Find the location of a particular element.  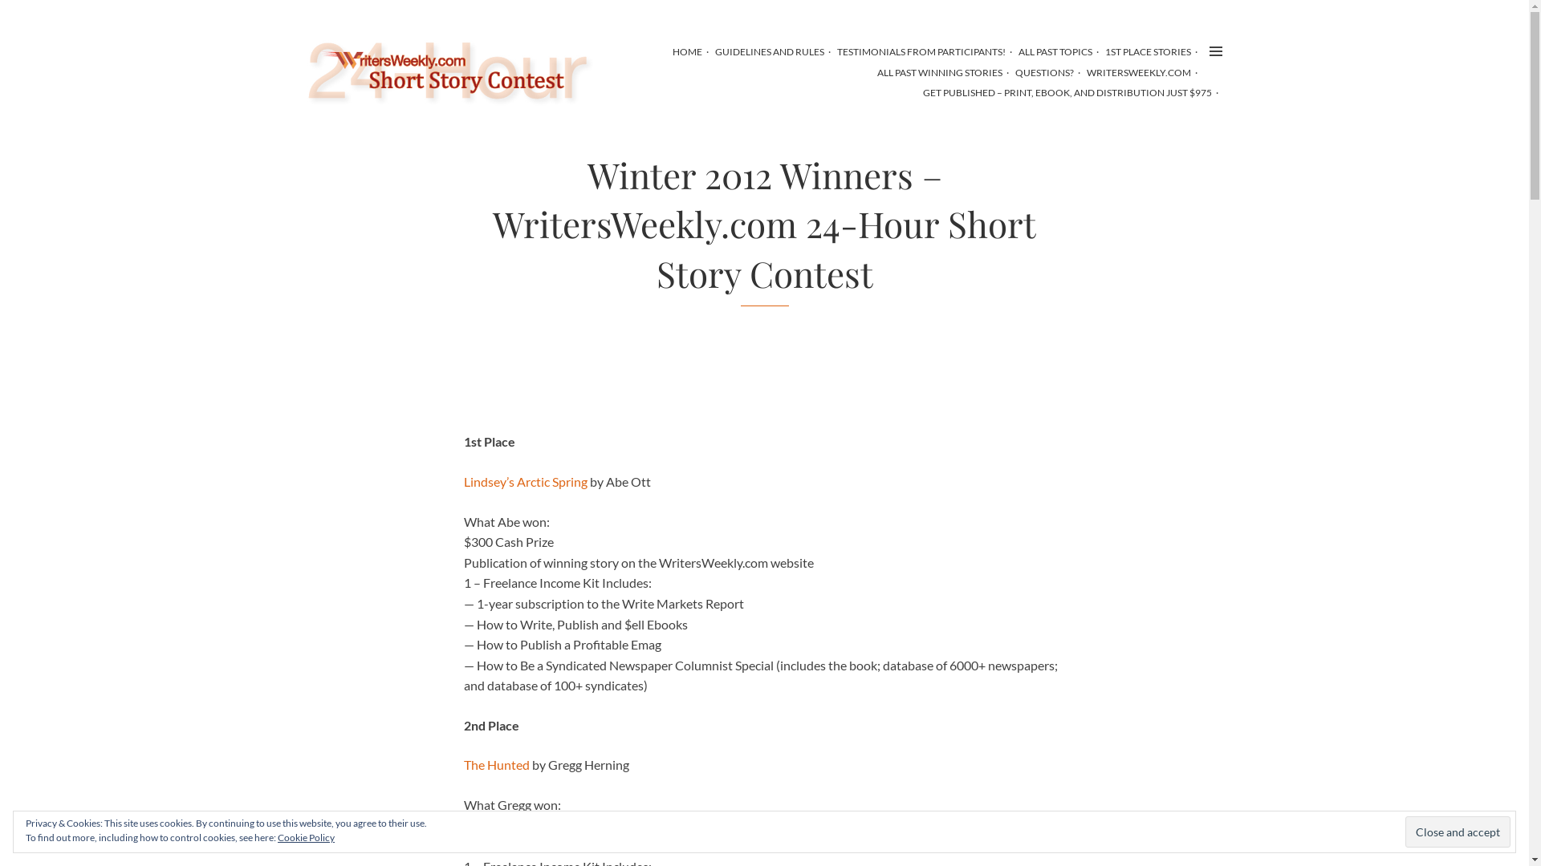

'WRITERSWEEKLY.COM' is located at coordinates (1138, 72).